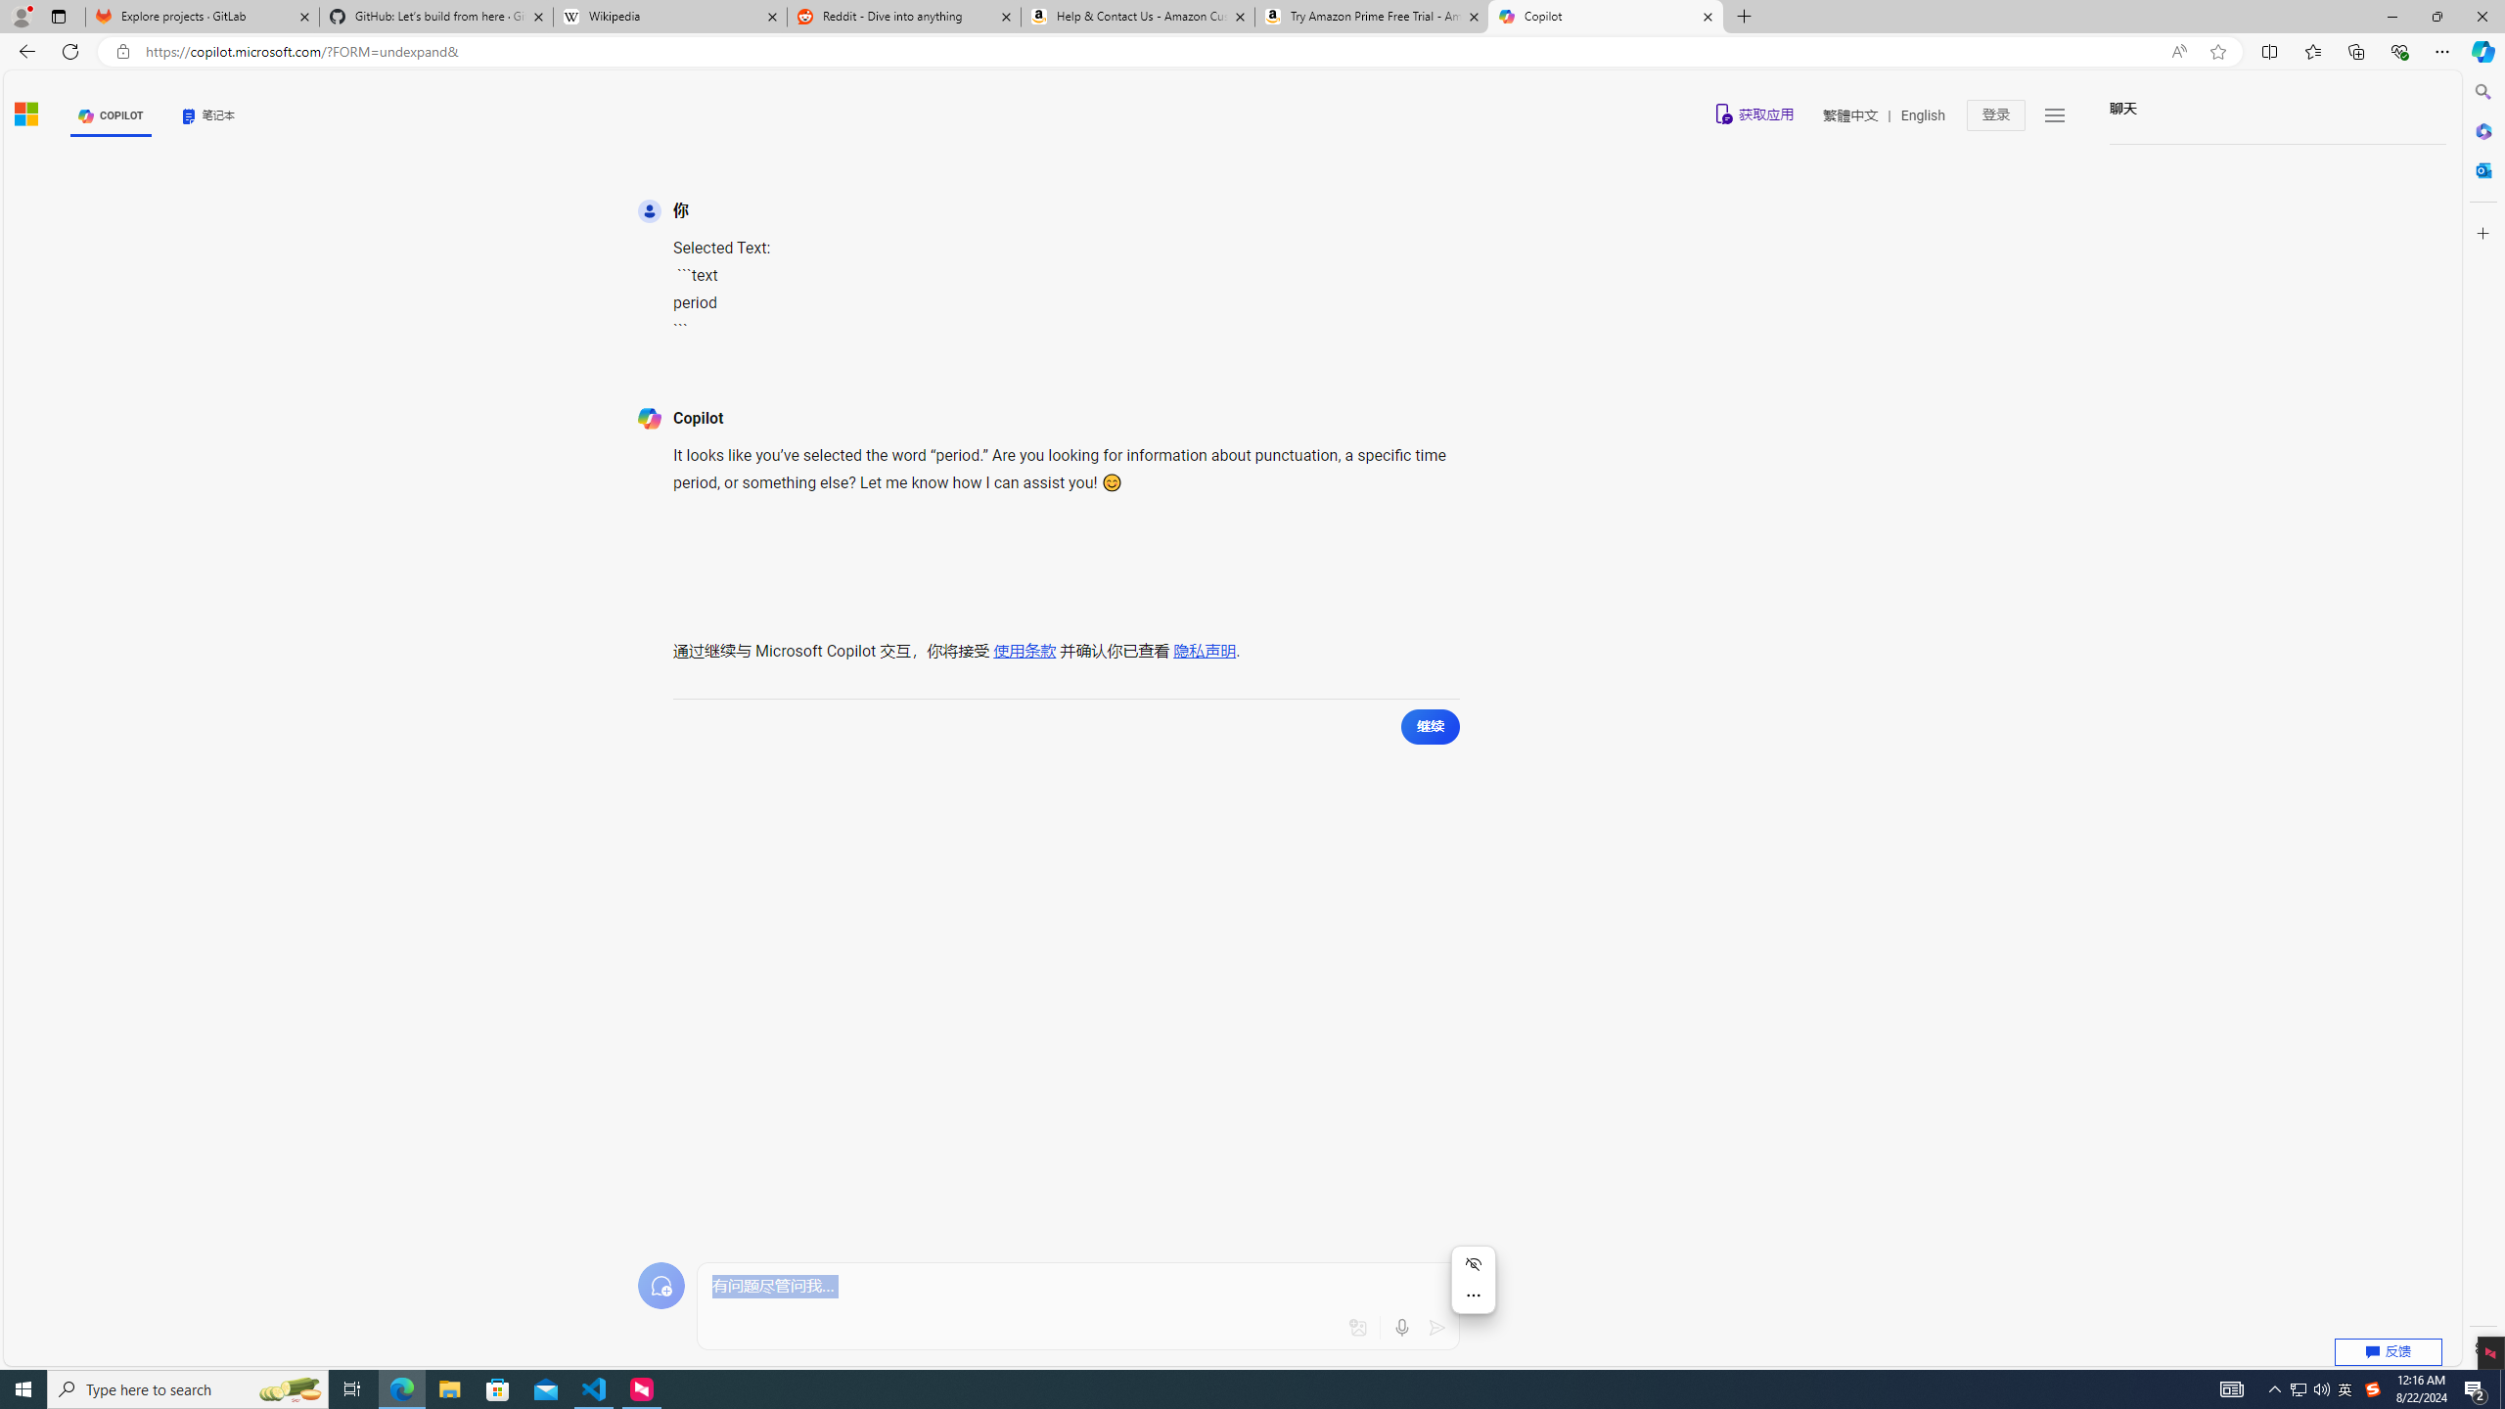 This screenshot has width=2505, height=1409. I want to click on 'COPILOT', so click(111, 115).